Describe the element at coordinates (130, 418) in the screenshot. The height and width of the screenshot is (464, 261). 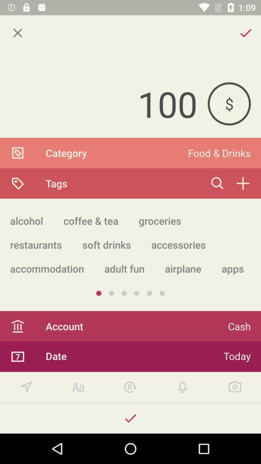
I see `confirm` at that location.